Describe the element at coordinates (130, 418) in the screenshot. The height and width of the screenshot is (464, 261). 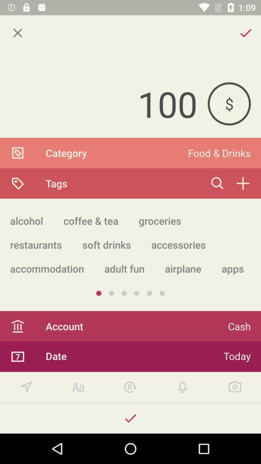
I see `confirm` at that location.